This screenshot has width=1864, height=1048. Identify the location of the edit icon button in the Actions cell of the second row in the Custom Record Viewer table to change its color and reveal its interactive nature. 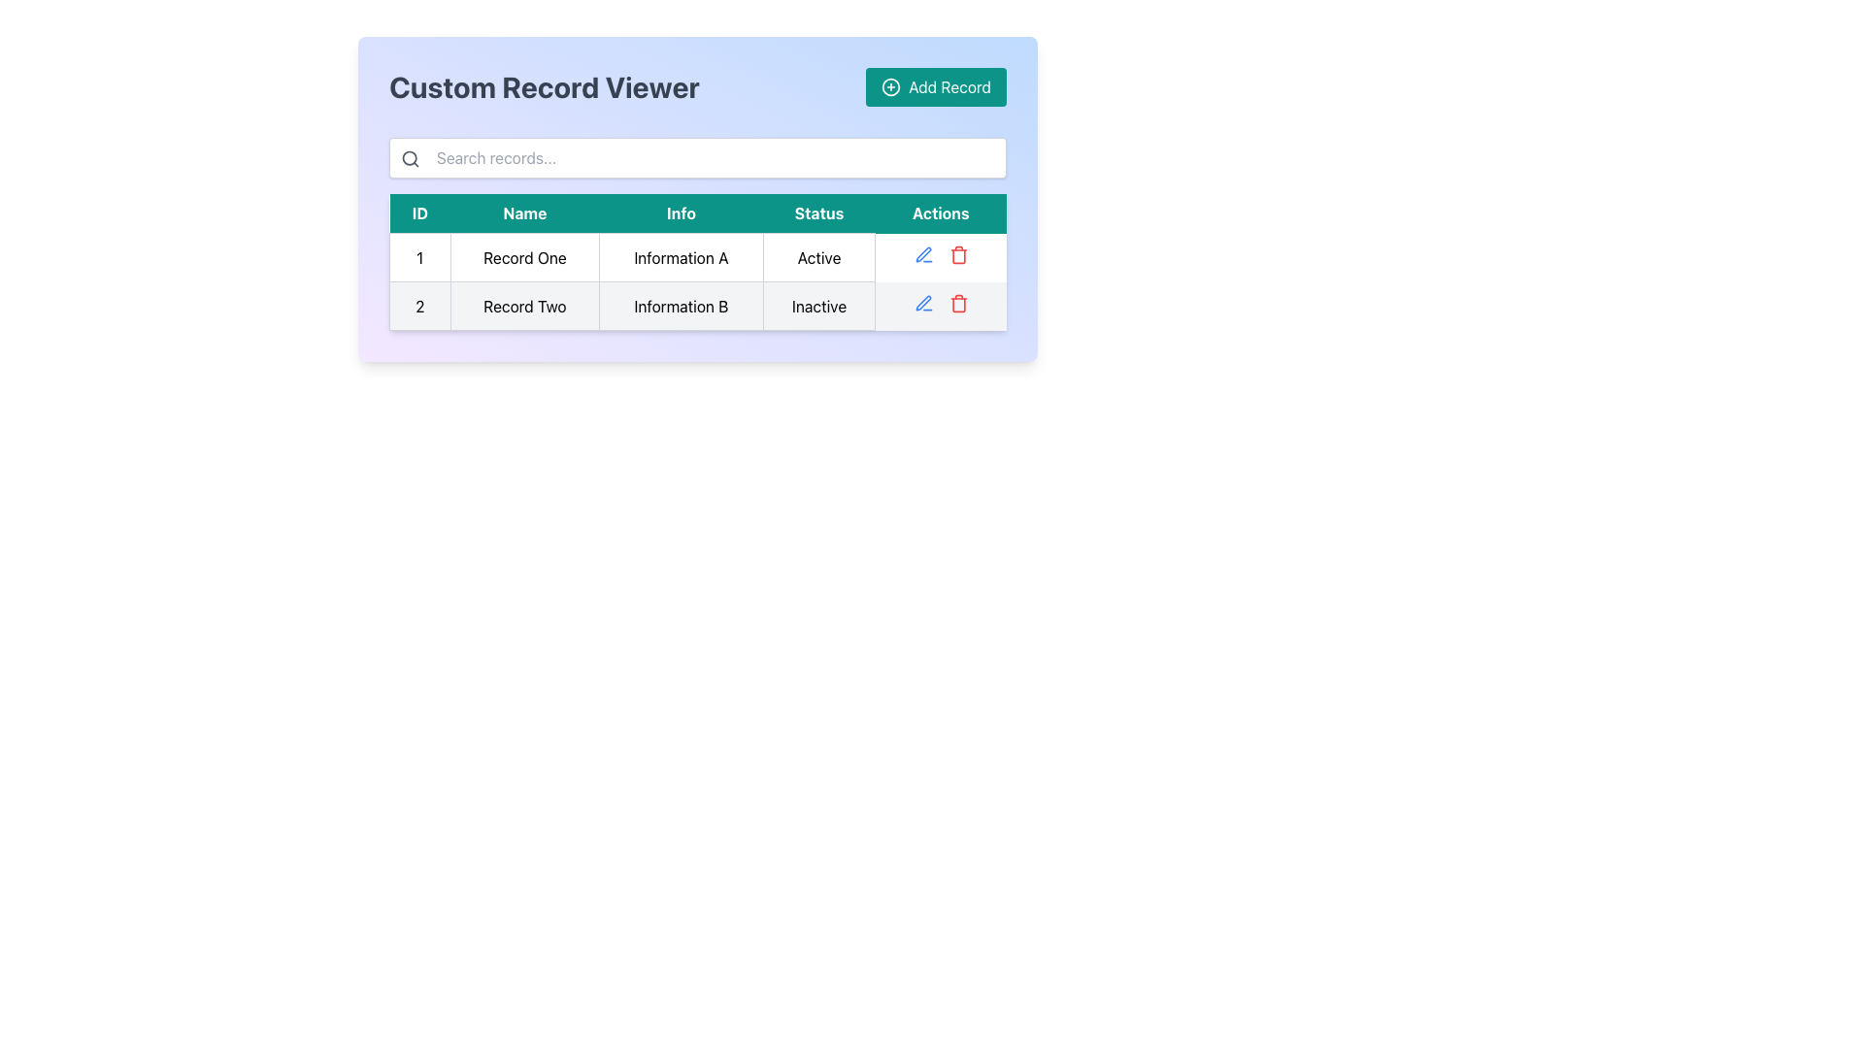
(922, 253).